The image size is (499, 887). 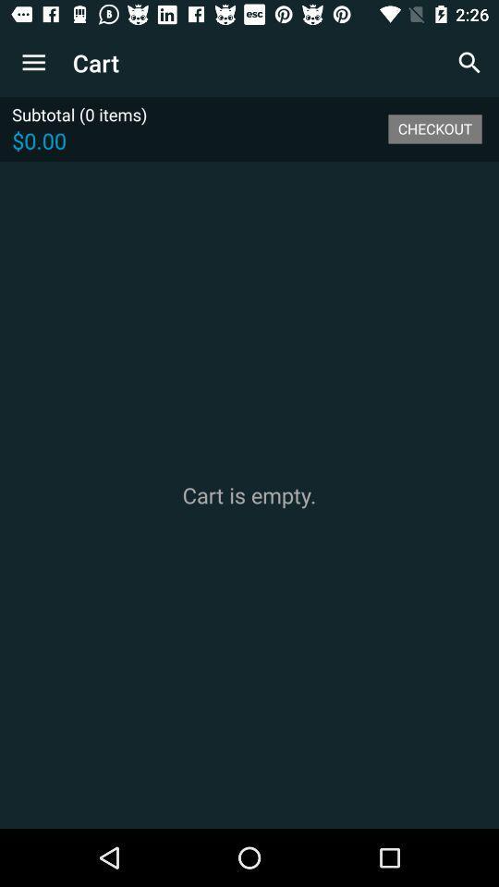 I want to click on the icon next to the subtotal (0 items) icon, so click(x=434, y=128).